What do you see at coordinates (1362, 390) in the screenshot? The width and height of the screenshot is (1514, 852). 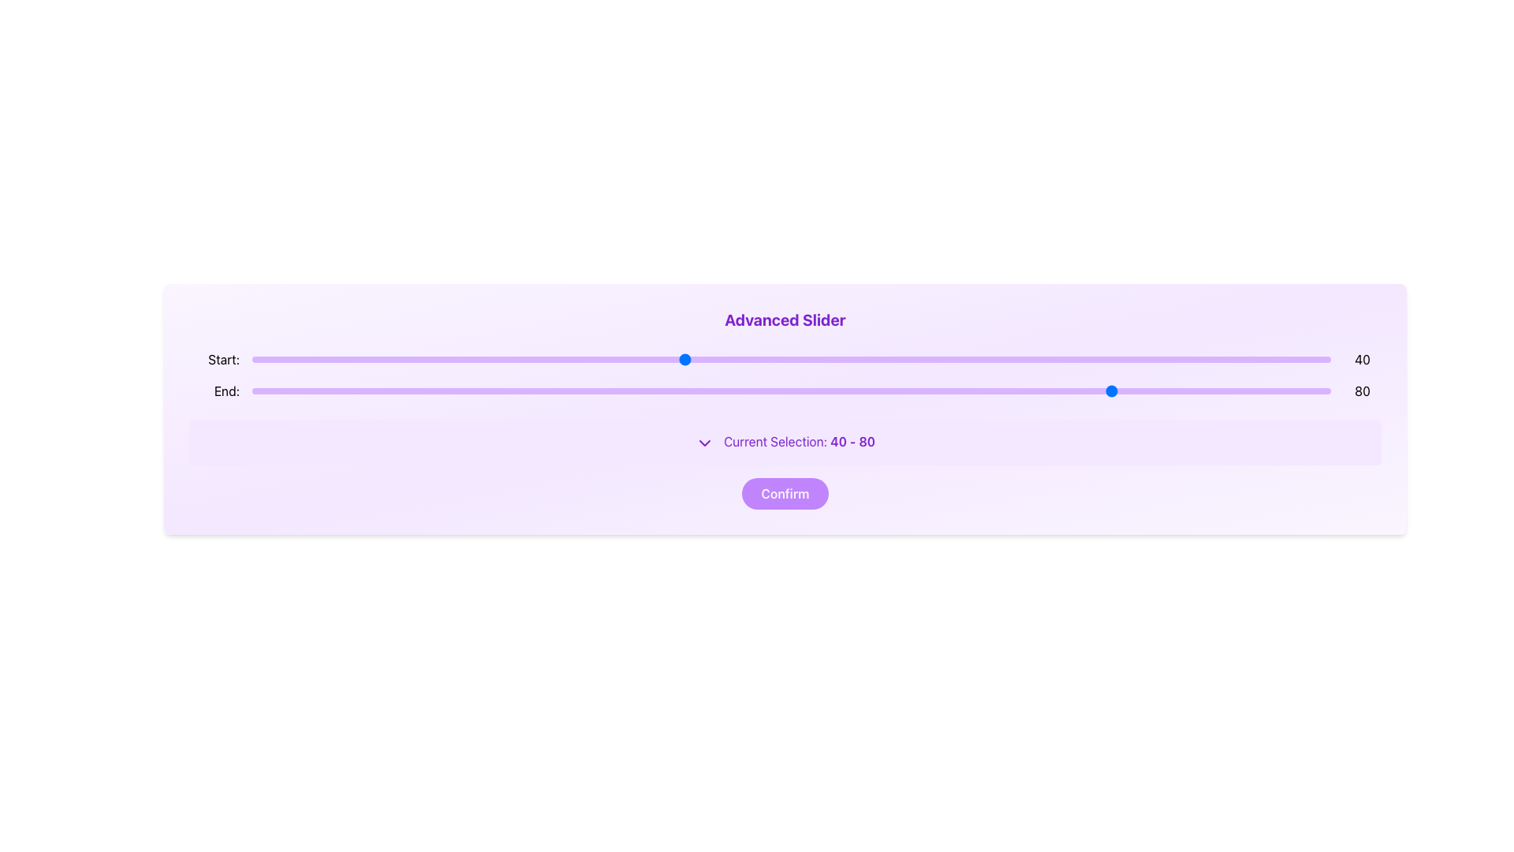 I see `the numeric indicator displaying the value '80' at the far-right end of the row labeled 'End:'` at bounding box center [1362, 390].